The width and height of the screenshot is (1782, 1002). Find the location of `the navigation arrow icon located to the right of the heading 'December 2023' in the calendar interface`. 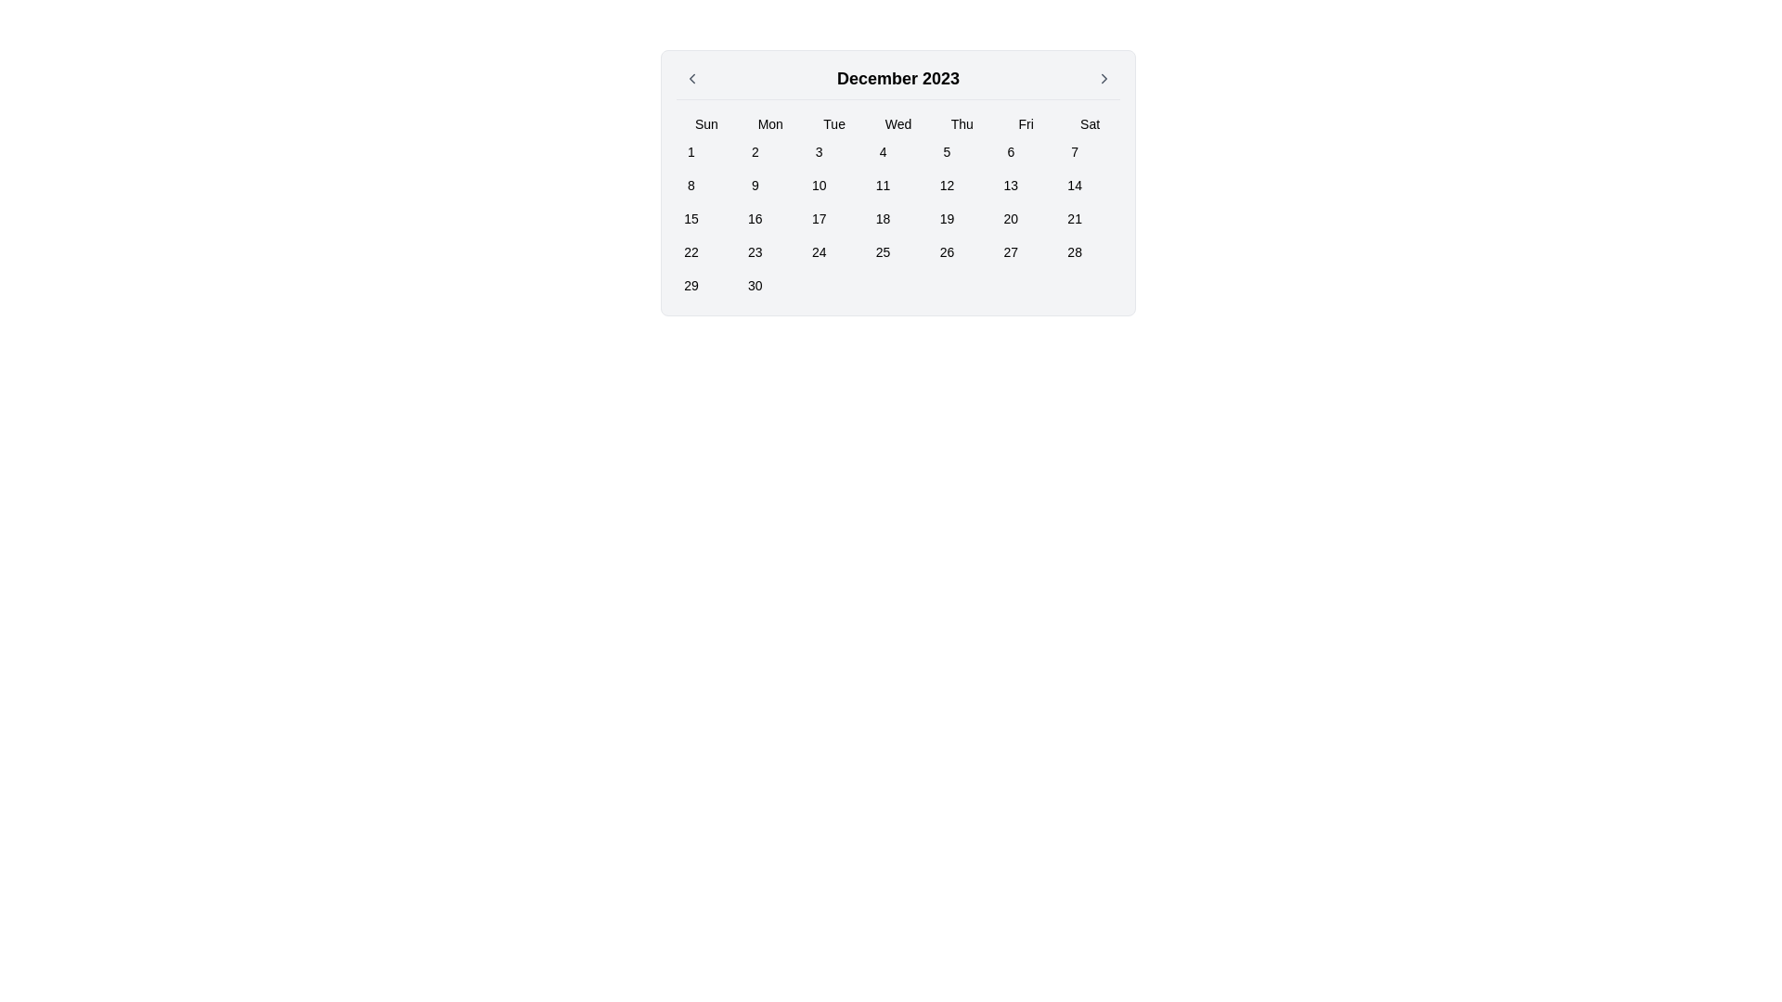

the navigation arrow icon located to the right of the heading 'December 2023' in the calendar interface is located at coordinates (1104, 77).